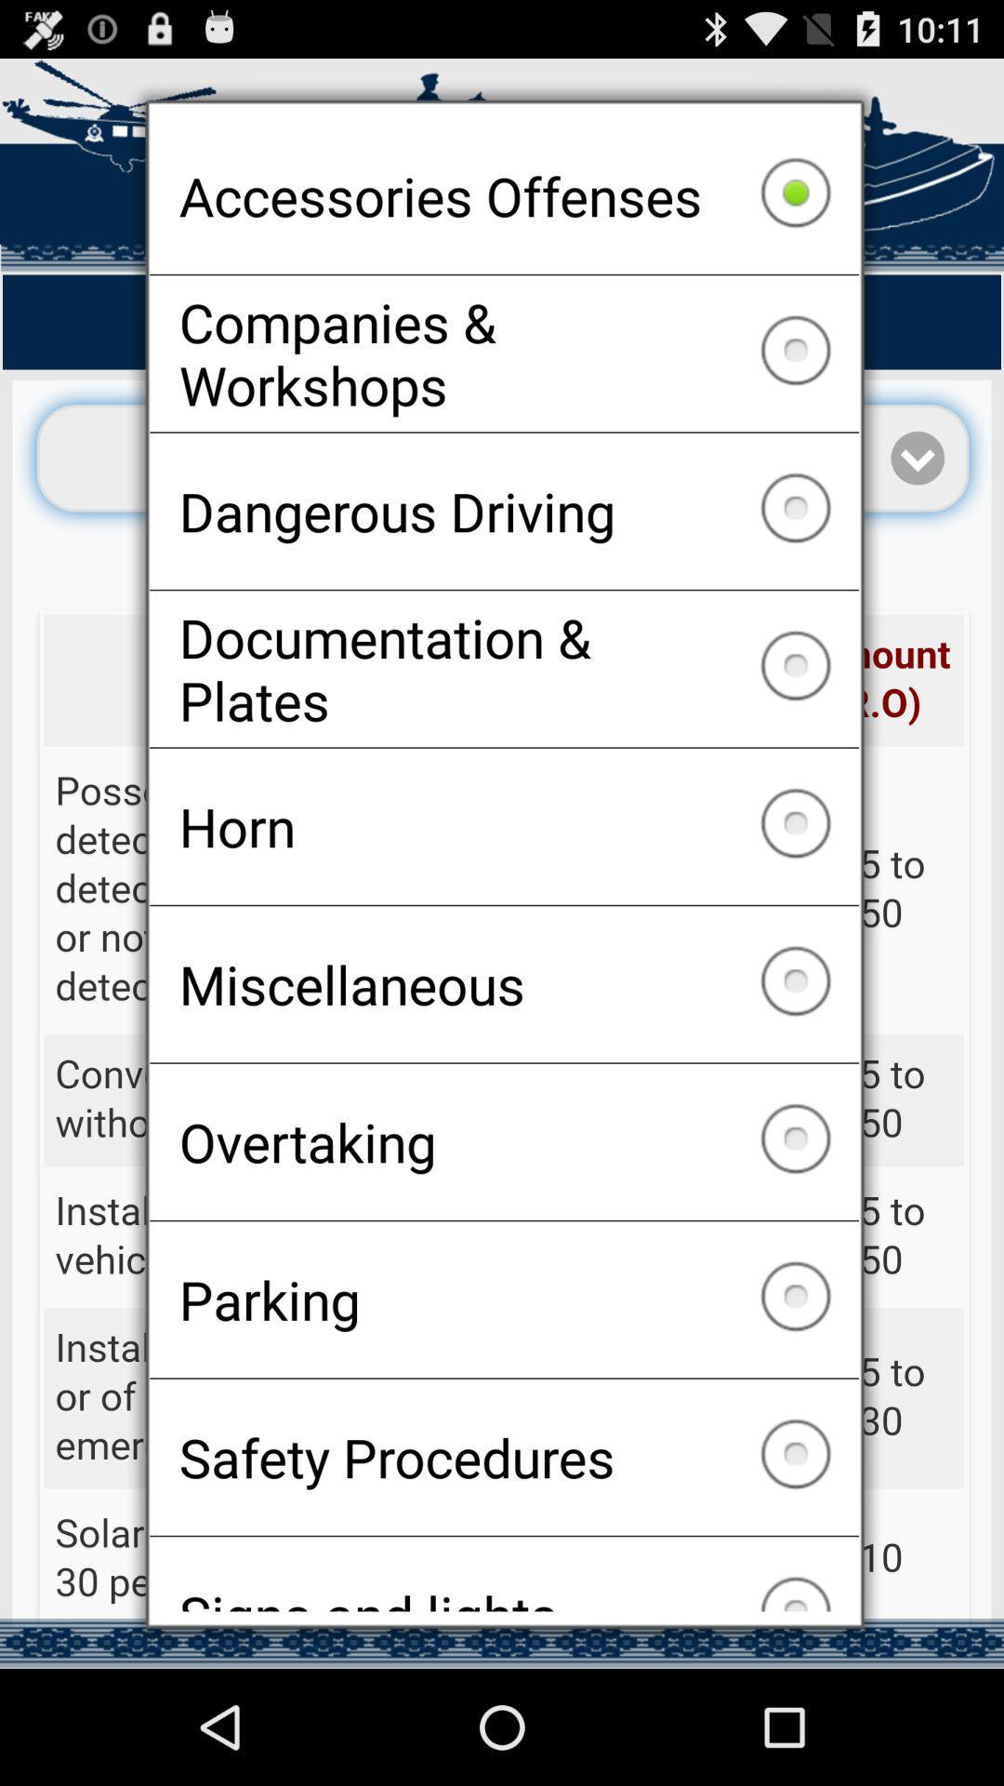 This screenshot has width=1004, height=1786. What do you see at coordinates (504, 353) in the screenshot?
I see `companies & workshops item` at bounding box center [504, 353].